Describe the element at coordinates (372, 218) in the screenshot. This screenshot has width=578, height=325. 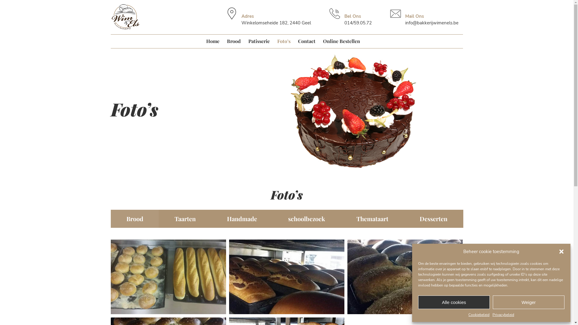
I see `'Themataart'` at that location.